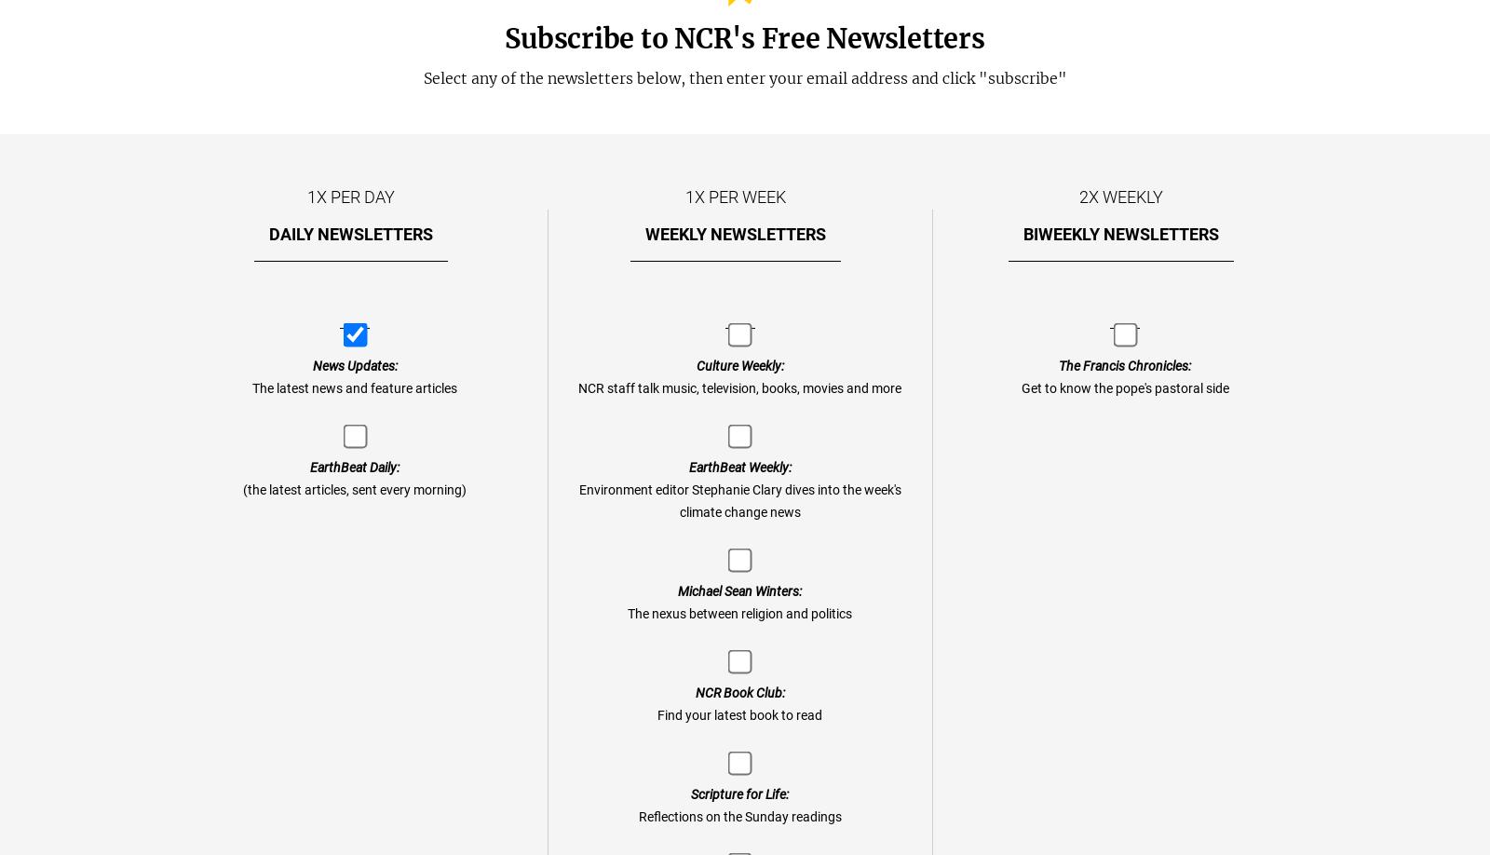  I want to click on 'Michael Sean Winters:', so click(739, 590).